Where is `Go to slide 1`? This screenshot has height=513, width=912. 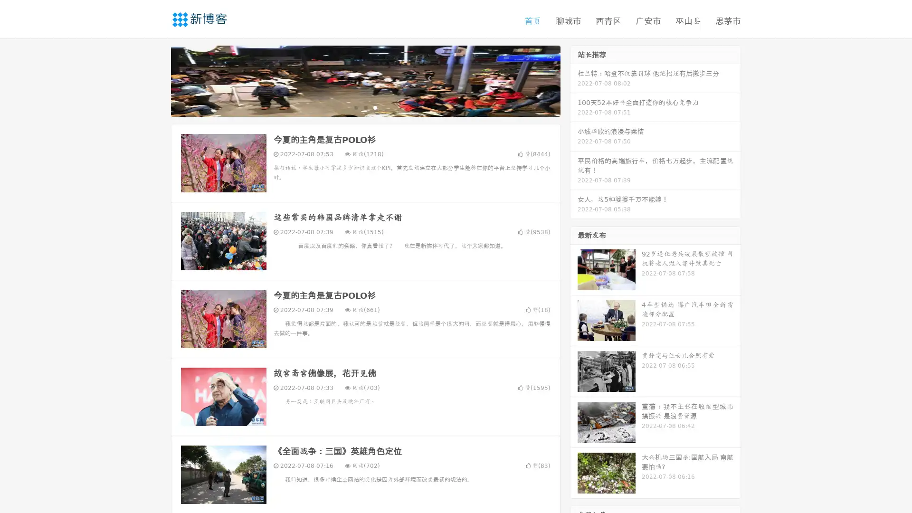
Go to slide 1 is located at coordinates (355, 107).